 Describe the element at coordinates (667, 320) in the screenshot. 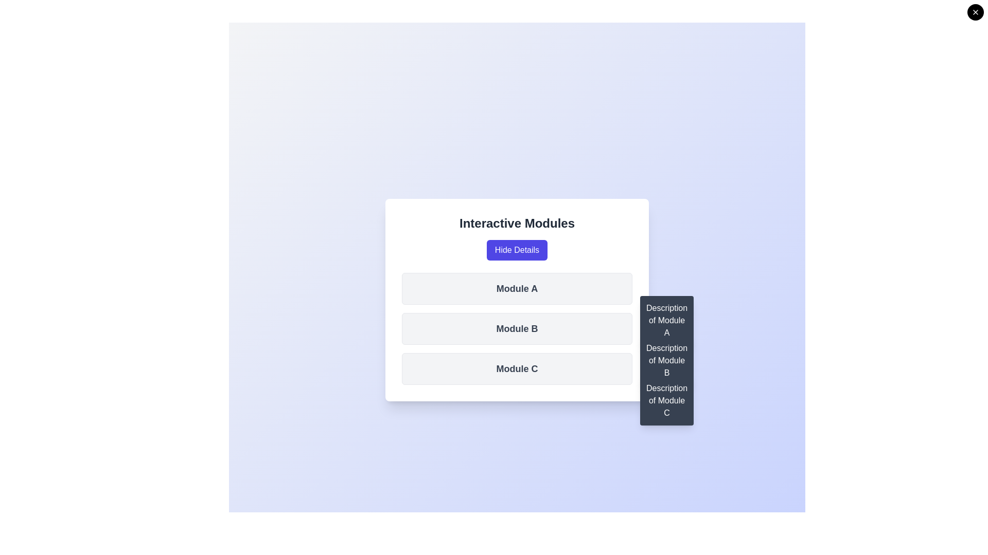

I see `the Tooltip or informational panel that displays additional information related to 'Module A', which is the first item in a vertical stack of descriptions located to the immediate right of the 'Module A' section` at that location.